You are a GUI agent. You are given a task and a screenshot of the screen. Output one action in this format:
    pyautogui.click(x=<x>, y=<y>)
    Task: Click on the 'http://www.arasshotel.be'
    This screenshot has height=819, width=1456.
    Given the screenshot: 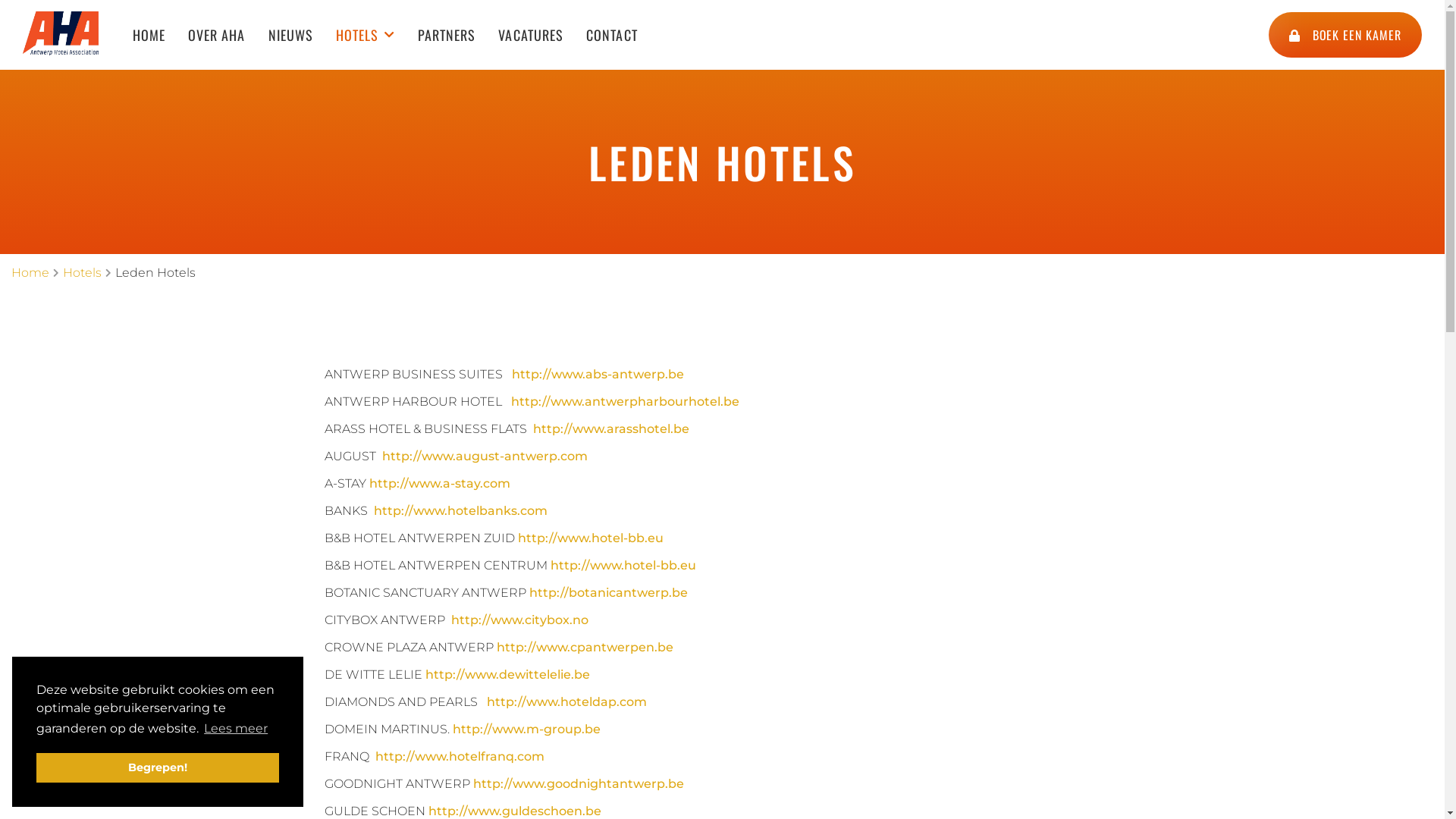 What is the action you would take?
    pyautogui.click(x=610, y=428)
    